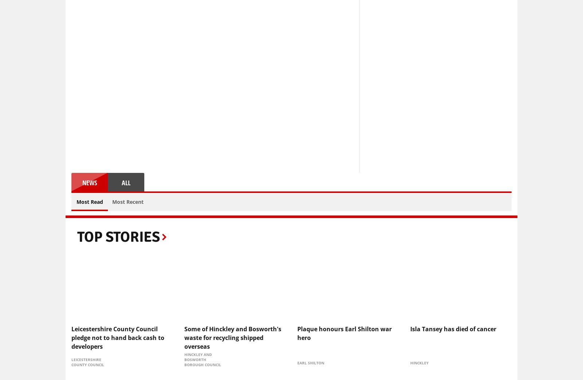 The image size is (583, 380). I want to click on 'Leicestershire County Council pledge not to hand back cash to developers', so click(118, 337).